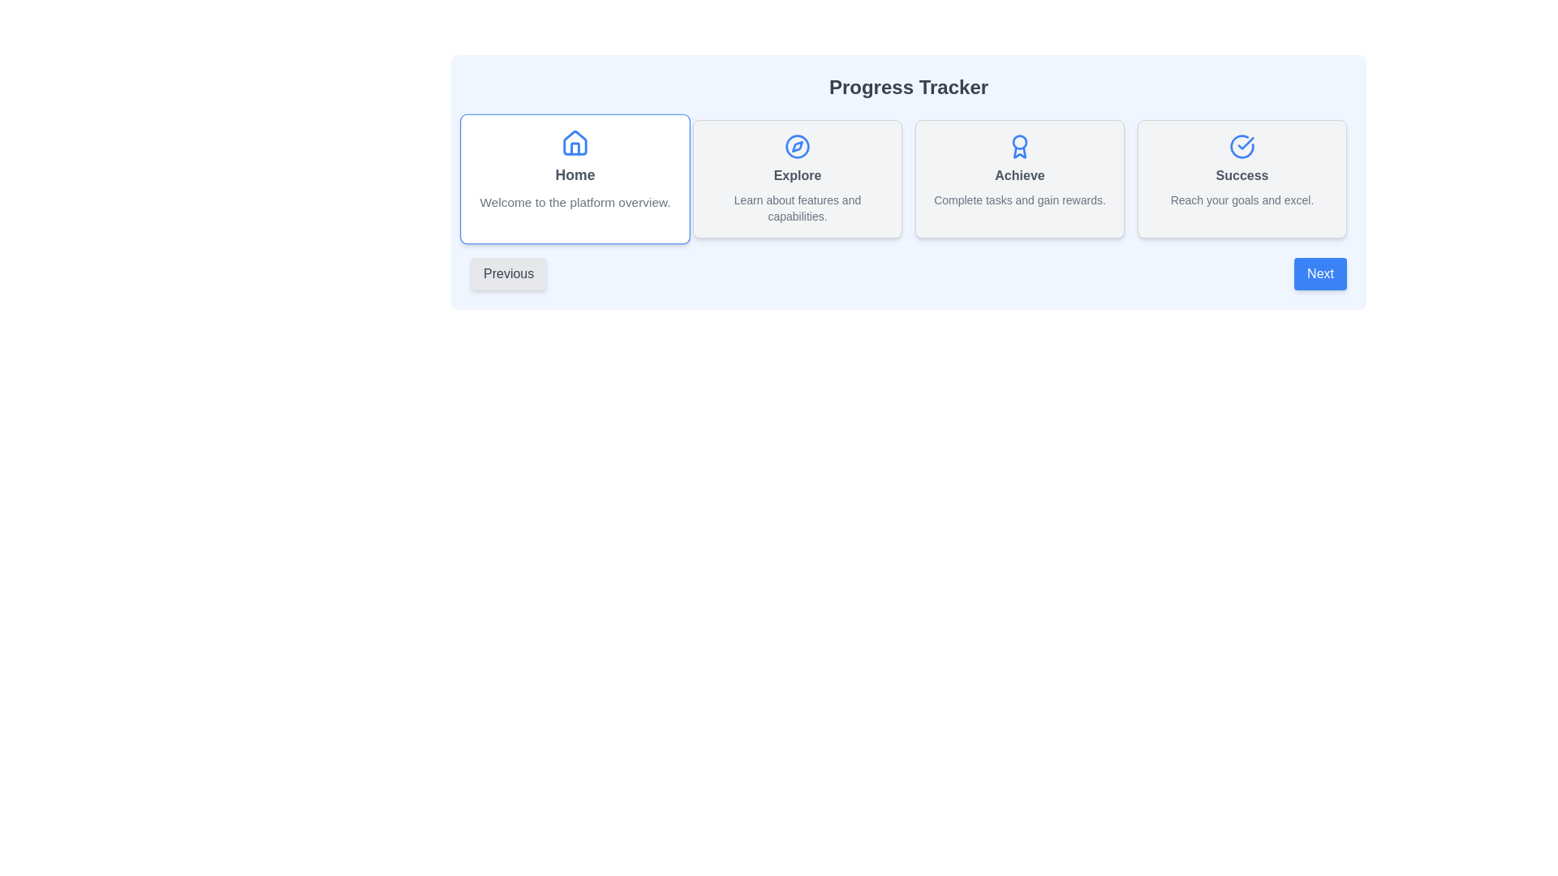  Describe the element at coordinates (798, 208) in the screenshot. I see `the descriptive text element located beneath the title 'Explore' within the 'Explore' section card` at that location.